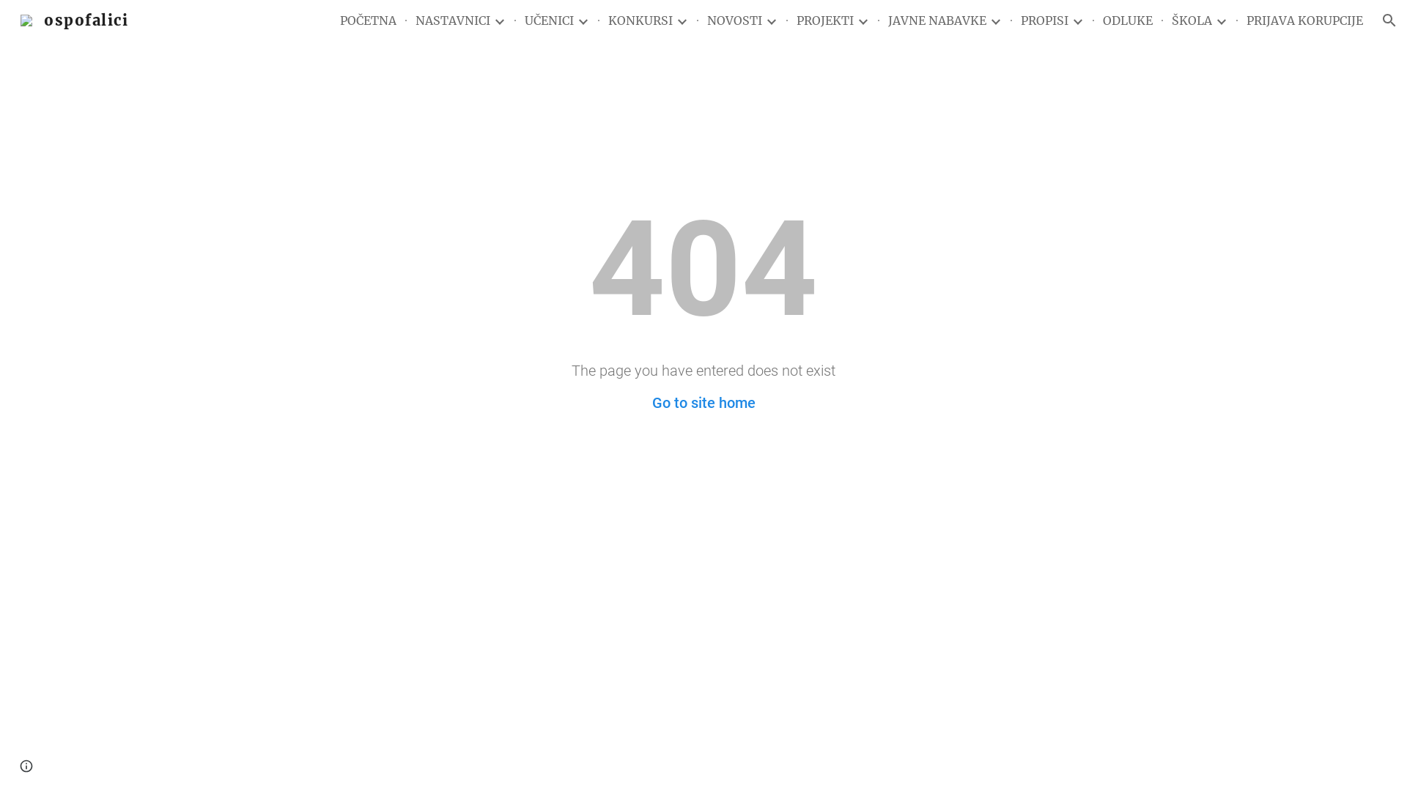  Describe the element at coordinates (936, 20) in the screenshot. I see `'JAVNE NABAVKE'` at that location.